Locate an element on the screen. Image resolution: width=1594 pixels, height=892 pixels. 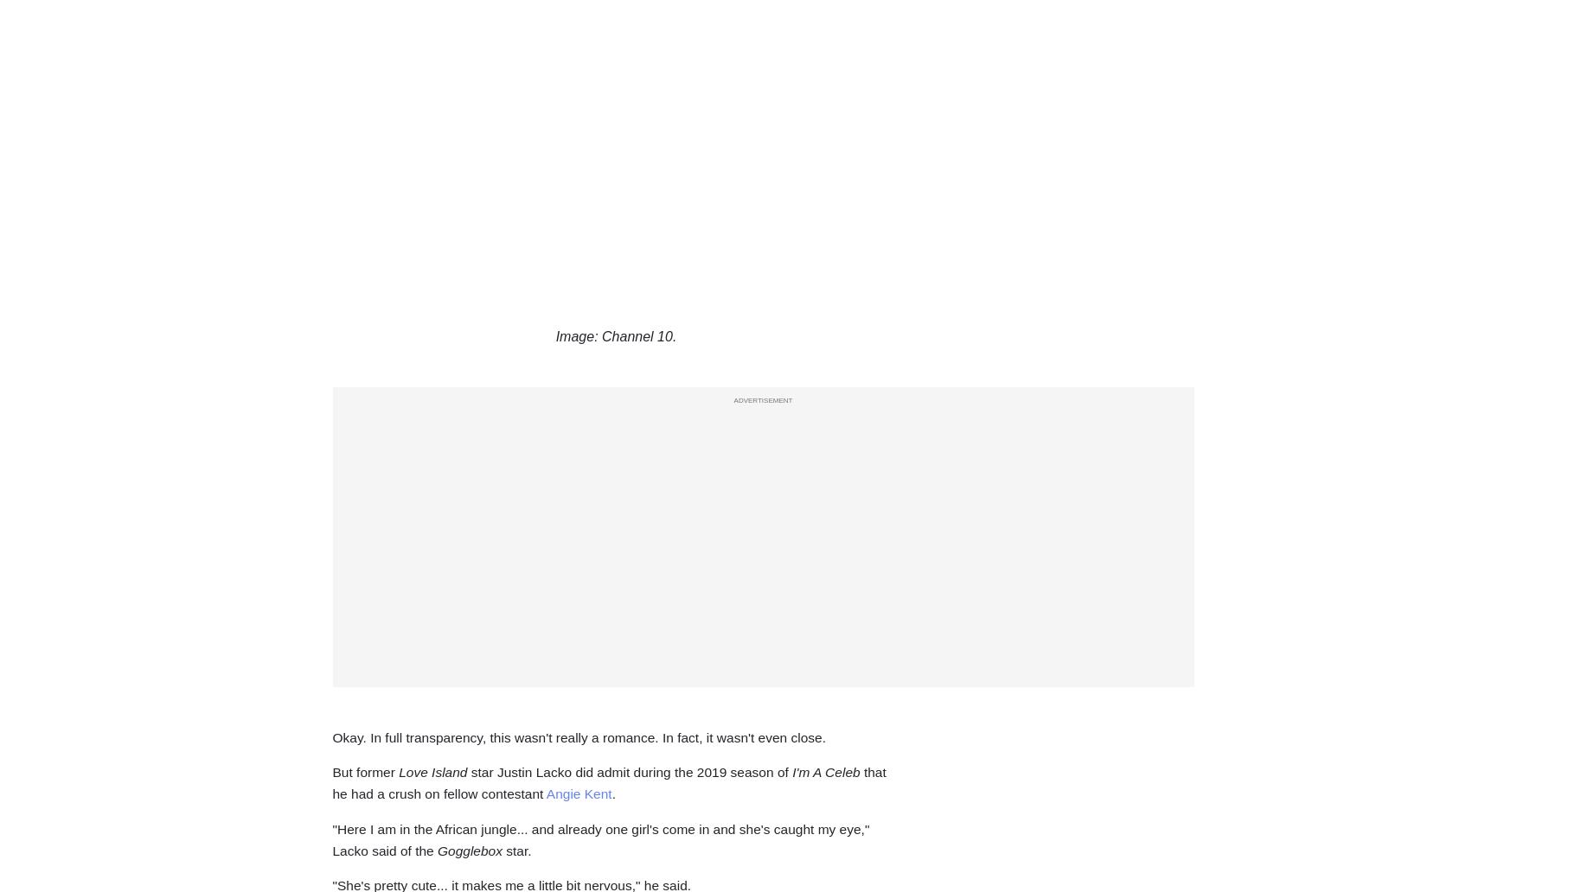
'ADVERTISEMENT' is located at coordinates (763, 399).